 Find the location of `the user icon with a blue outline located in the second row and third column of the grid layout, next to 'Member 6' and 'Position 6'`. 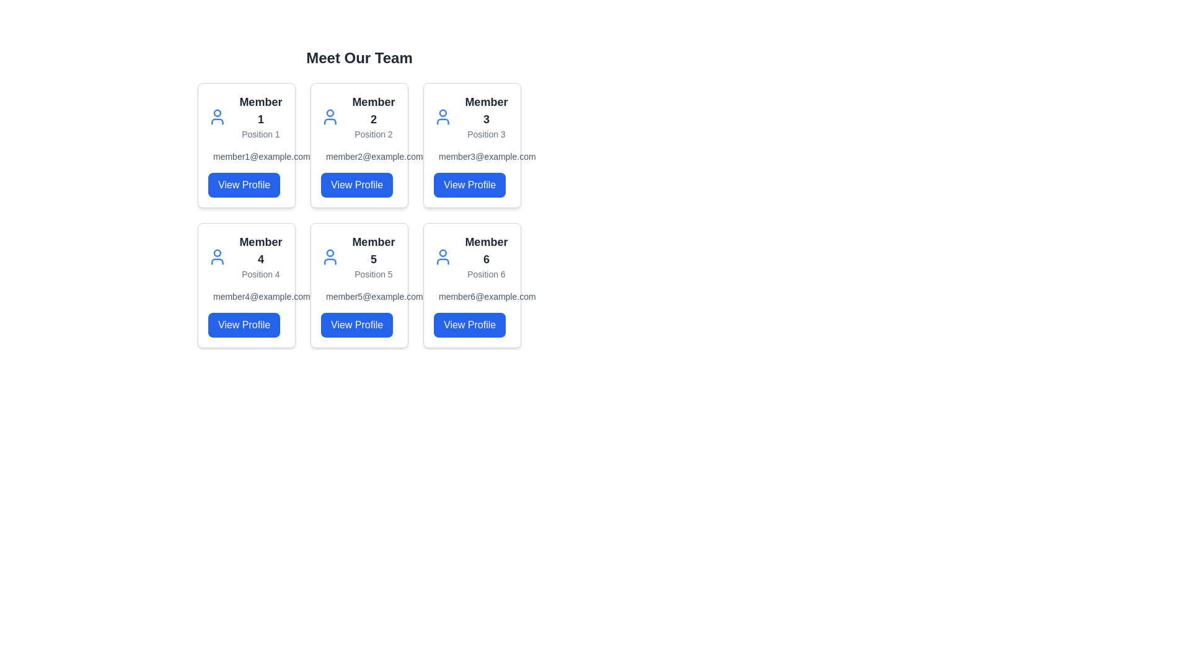

the user icon with a blue outline located in the second row and third column of the grid layout, next to 'Member 6' and 'Position 6' is located at coordinates (443, 256).